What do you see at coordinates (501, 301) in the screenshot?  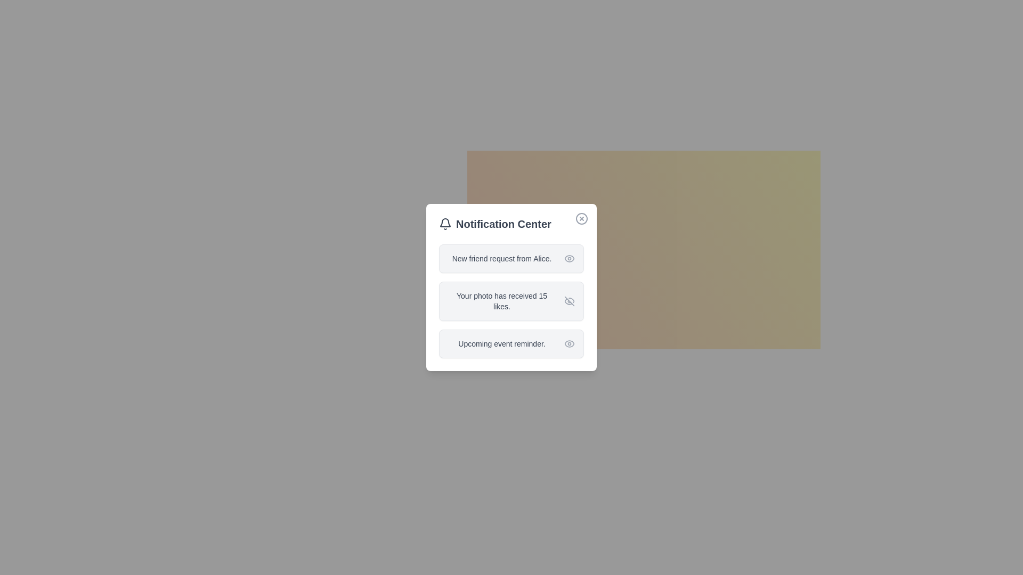 I see `the text label stating 'Your photo has received 15 likes.' which is located in the second notification card in the notification panel` at bounding box center [501, 301].